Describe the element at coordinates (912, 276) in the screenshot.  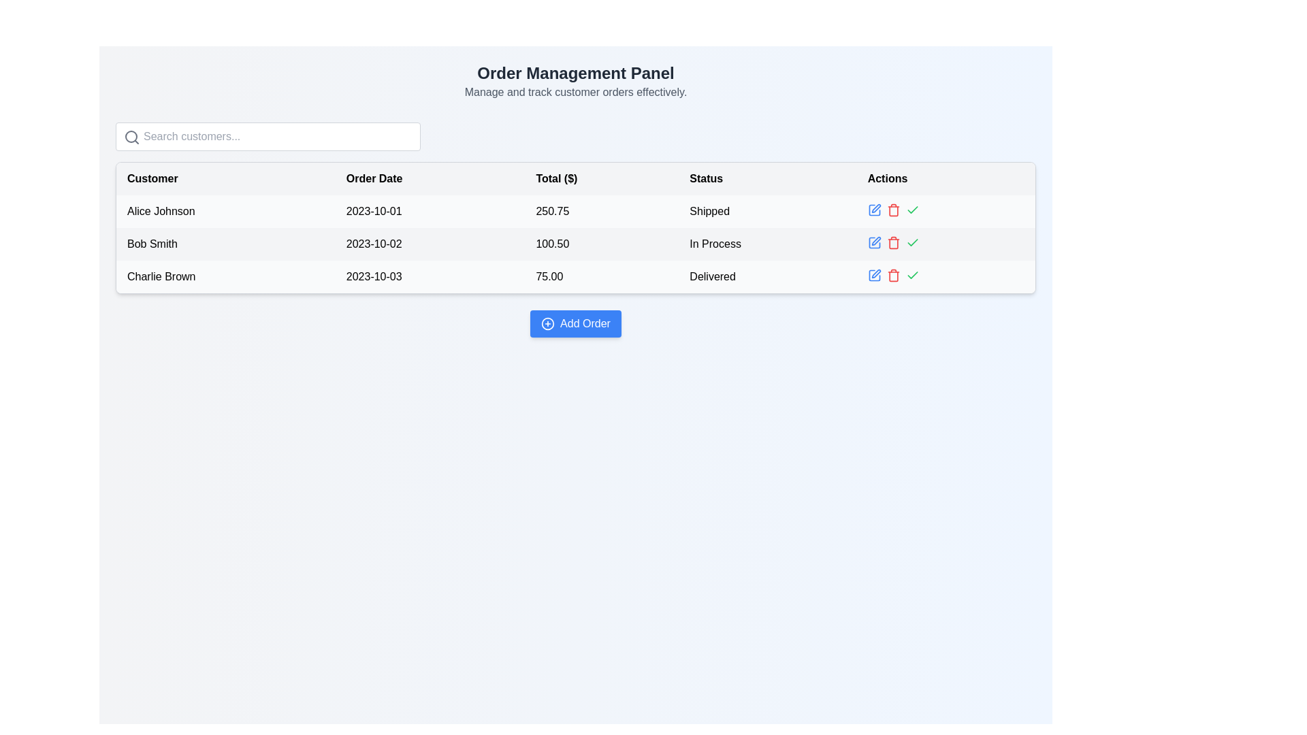
I see `the green checkmark icon button located in the 'Actions' column of the third row for customer 'Charlie Brown'` at that location.